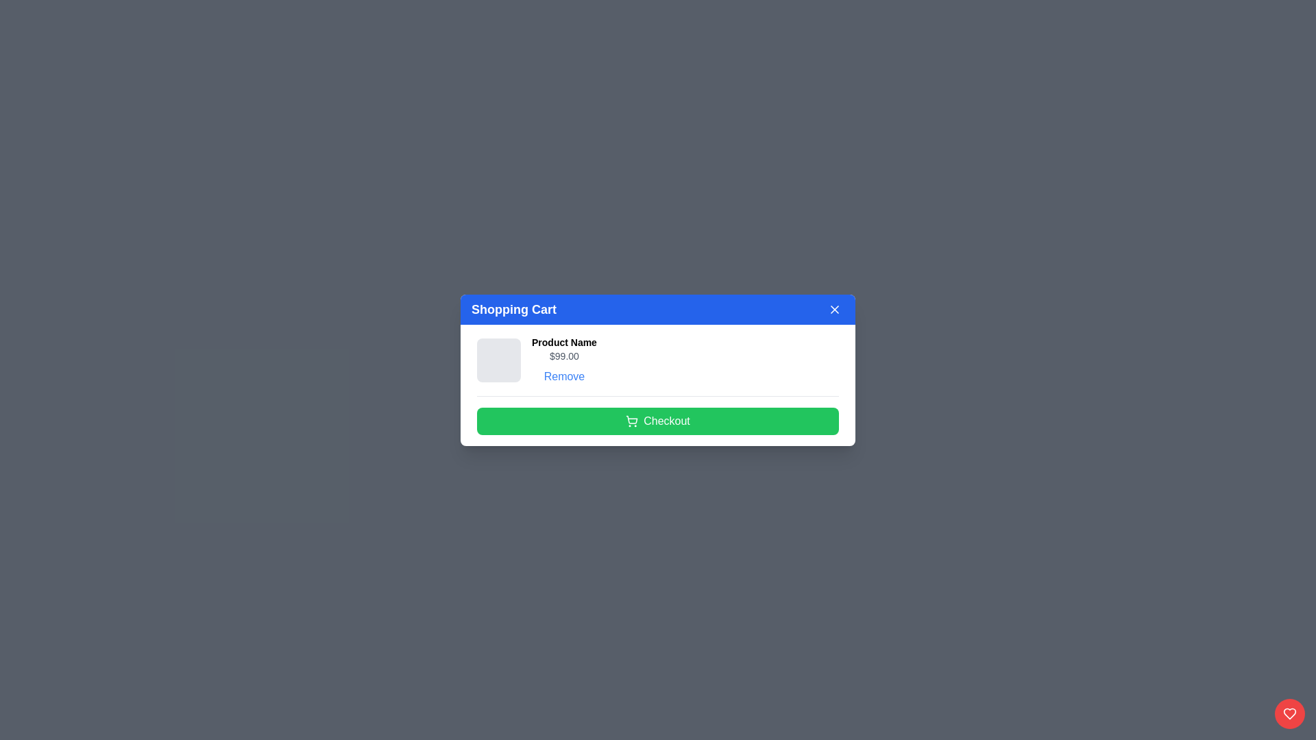  I want to click on the green 'Checkout' button with white text and a shopping cart icon, so click(658, 420).